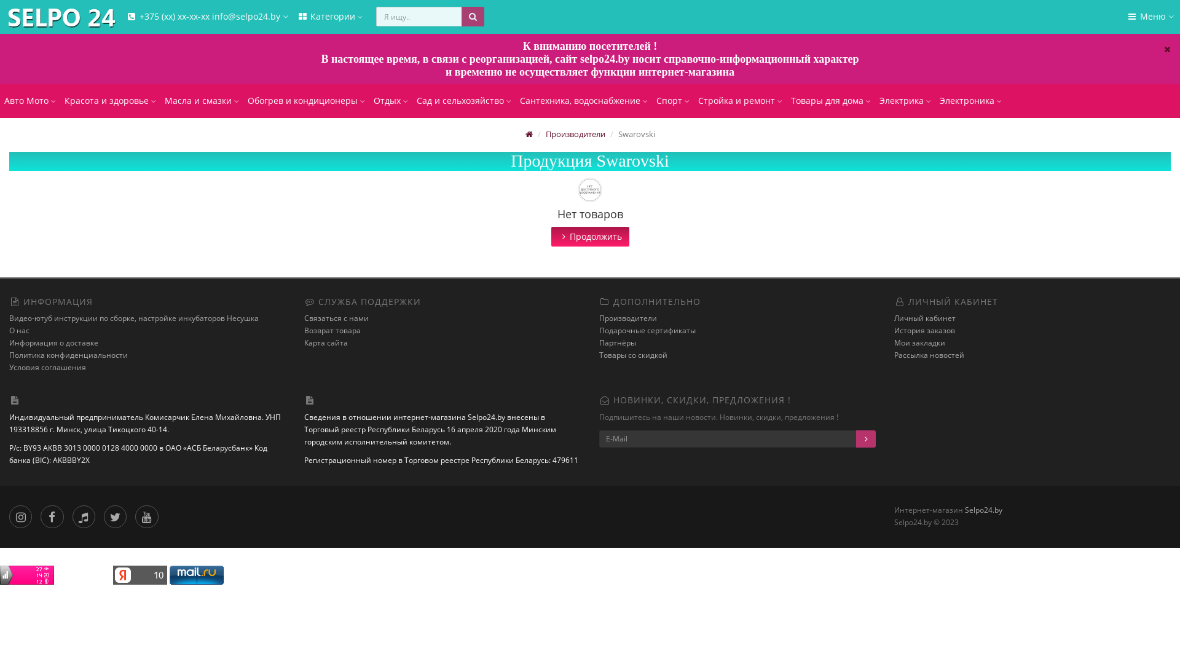  Describe the element at coordinates (2, 18) in the screenshot. I see `'Selpo24.by'` at that location.